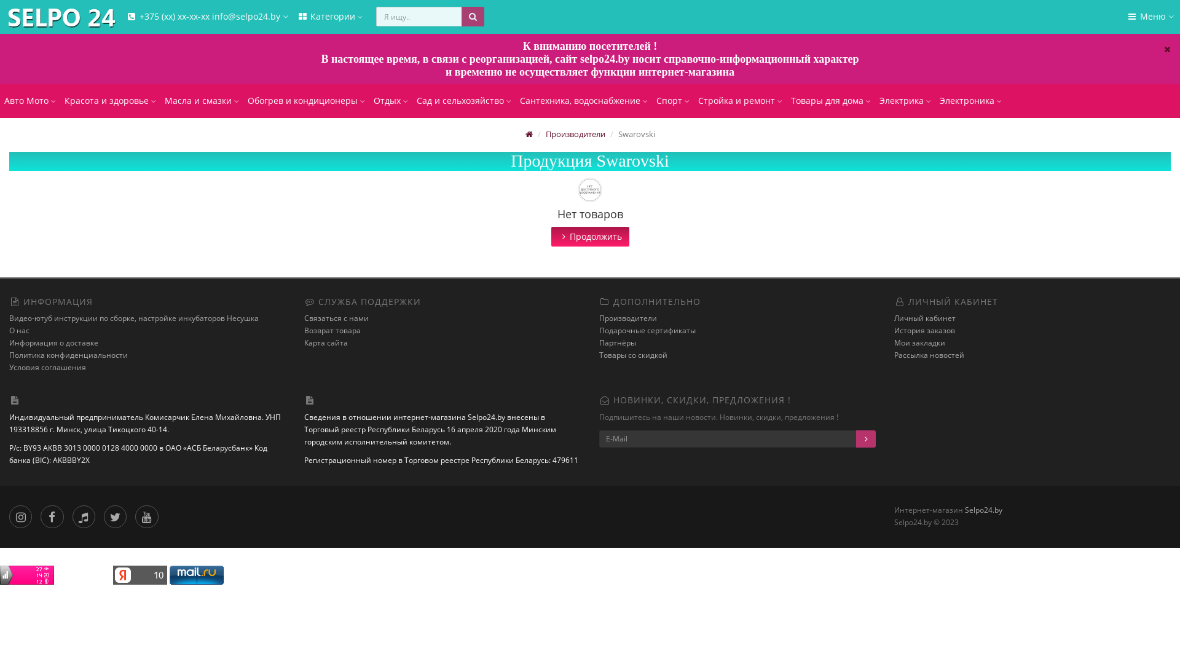  Describe the element at coordinates (2, 18) in the screenshot. I see `'Selpo24.by'` at that location.